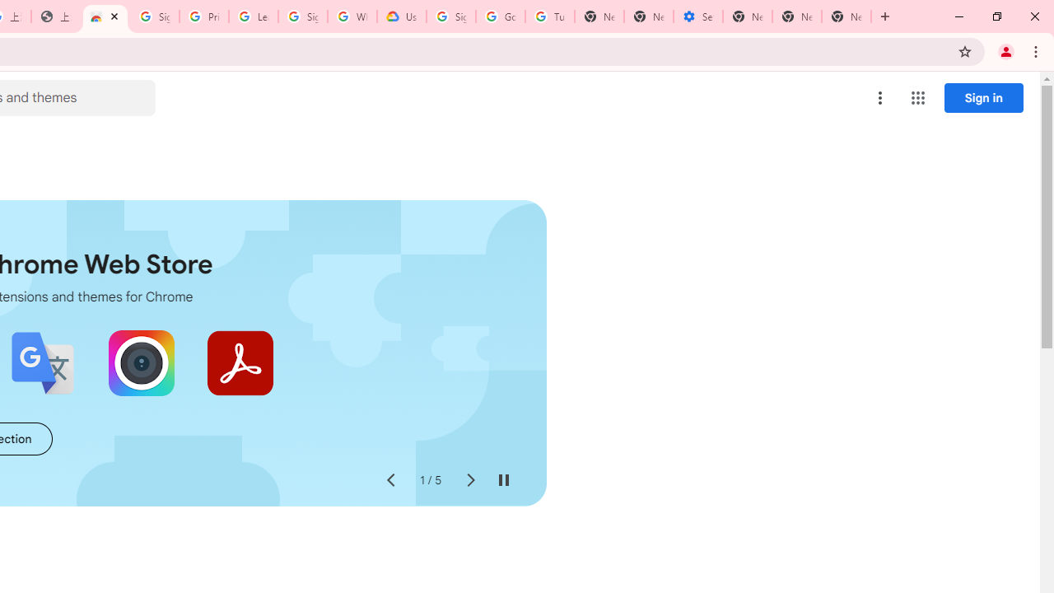 The width and height of the screenshot is (1054, 593). What do you see at coordinates (698, 16) in the screenshot?
I see `'Settings - Addresses and more'` at bounding box center [698, 16].